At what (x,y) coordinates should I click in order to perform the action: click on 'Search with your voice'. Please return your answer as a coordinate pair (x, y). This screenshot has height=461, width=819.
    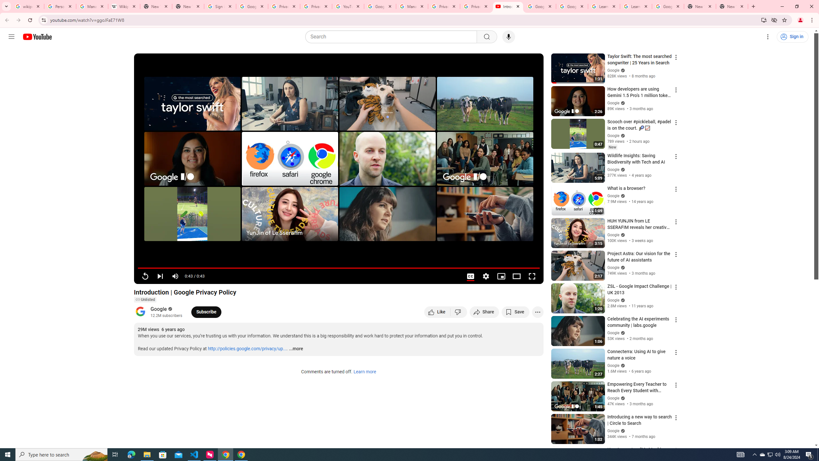
    Looking at the image, I should click on (508, 36).